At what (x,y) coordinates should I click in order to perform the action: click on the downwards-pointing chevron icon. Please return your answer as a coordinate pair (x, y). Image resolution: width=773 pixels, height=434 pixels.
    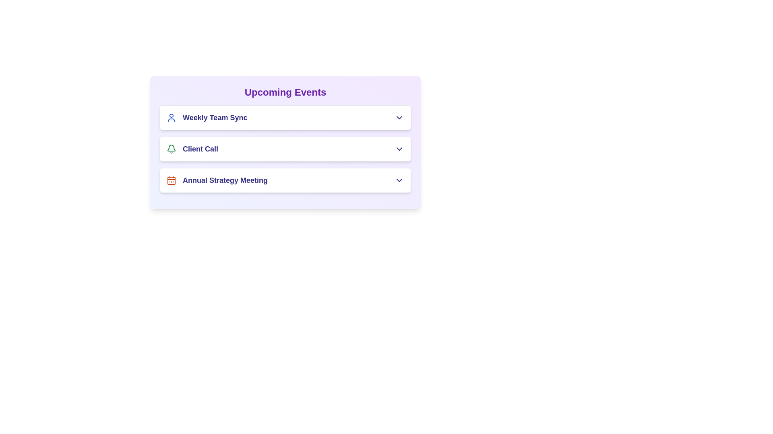
    Looking at the image, I should click on (399, 118).